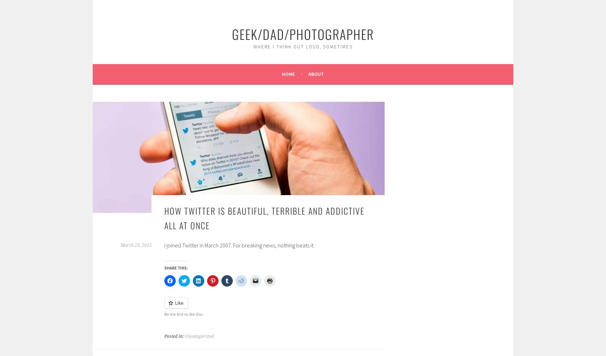  What do you see at coordinates (303, 46) in the screenshot?
I see `'Where I think out loud, sometimes'` at bounding box center [303, 46].